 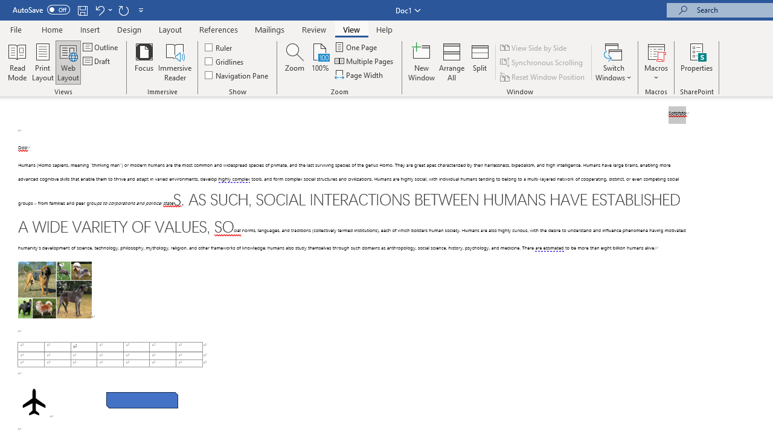 I want to click on 'One Page', so click(x=356, y=47).